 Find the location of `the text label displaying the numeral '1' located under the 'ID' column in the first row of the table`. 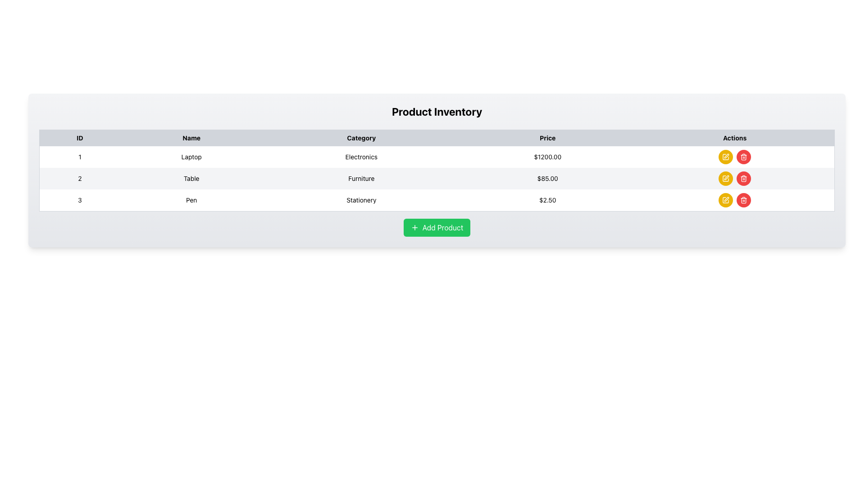

the text label displaying the numeral '1' located under the 'ID' column in the first row of the table is located at coordinates (80, 156).